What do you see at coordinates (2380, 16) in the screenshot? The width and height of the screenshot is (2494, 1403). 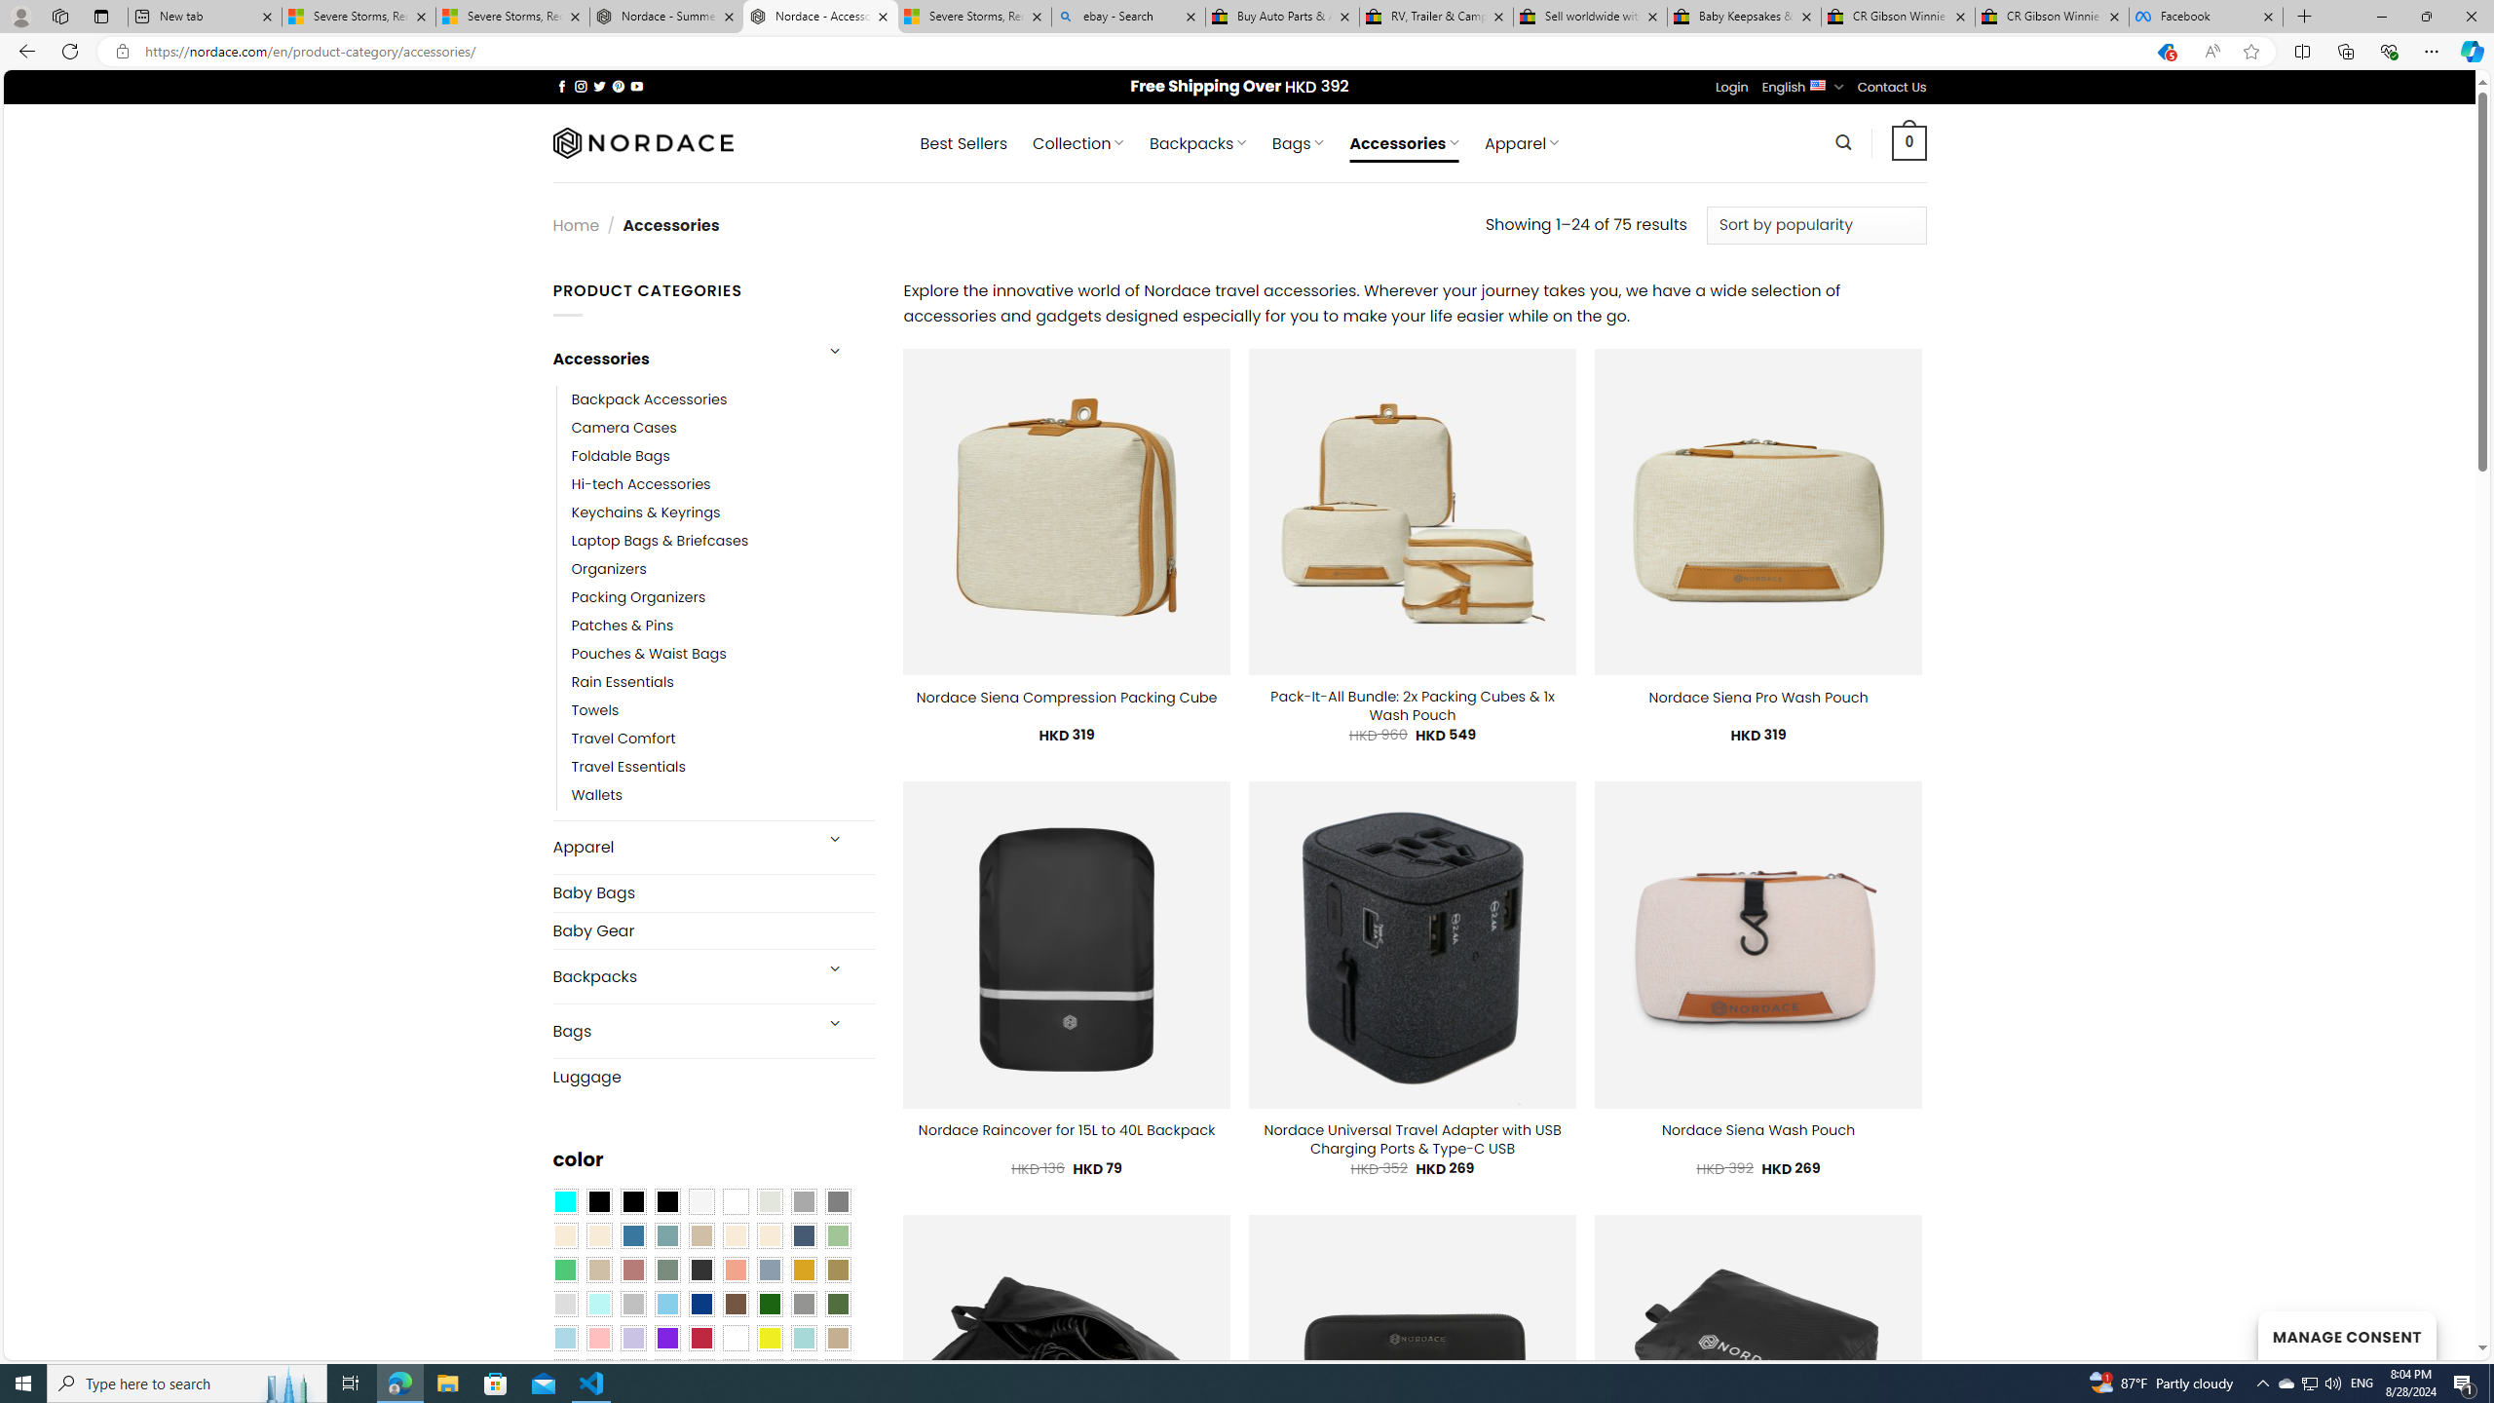 I see `'Minimize'` at bounding box center [2380, 16].